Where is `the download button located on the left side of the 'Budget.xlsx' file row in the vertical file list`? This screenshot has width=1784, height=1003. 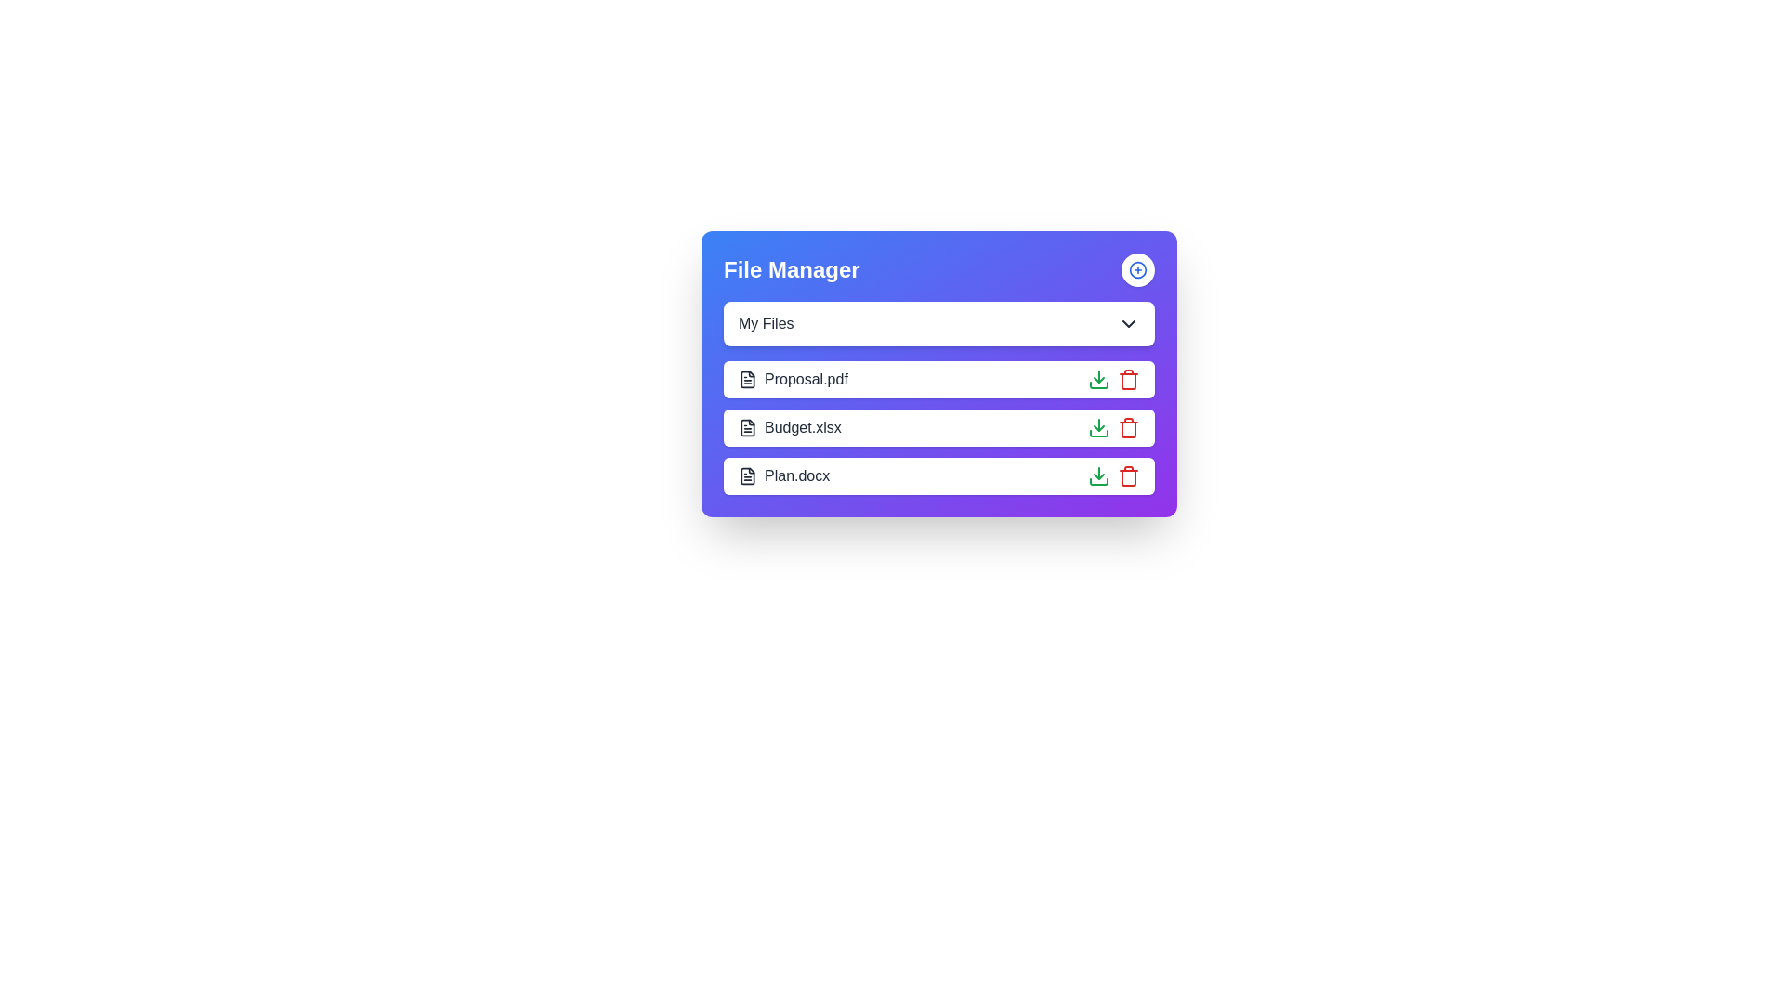 the download button located on the left side of the 'Budget.xlsx' file row in the vertical file list is located at coordinates (1098, 378).